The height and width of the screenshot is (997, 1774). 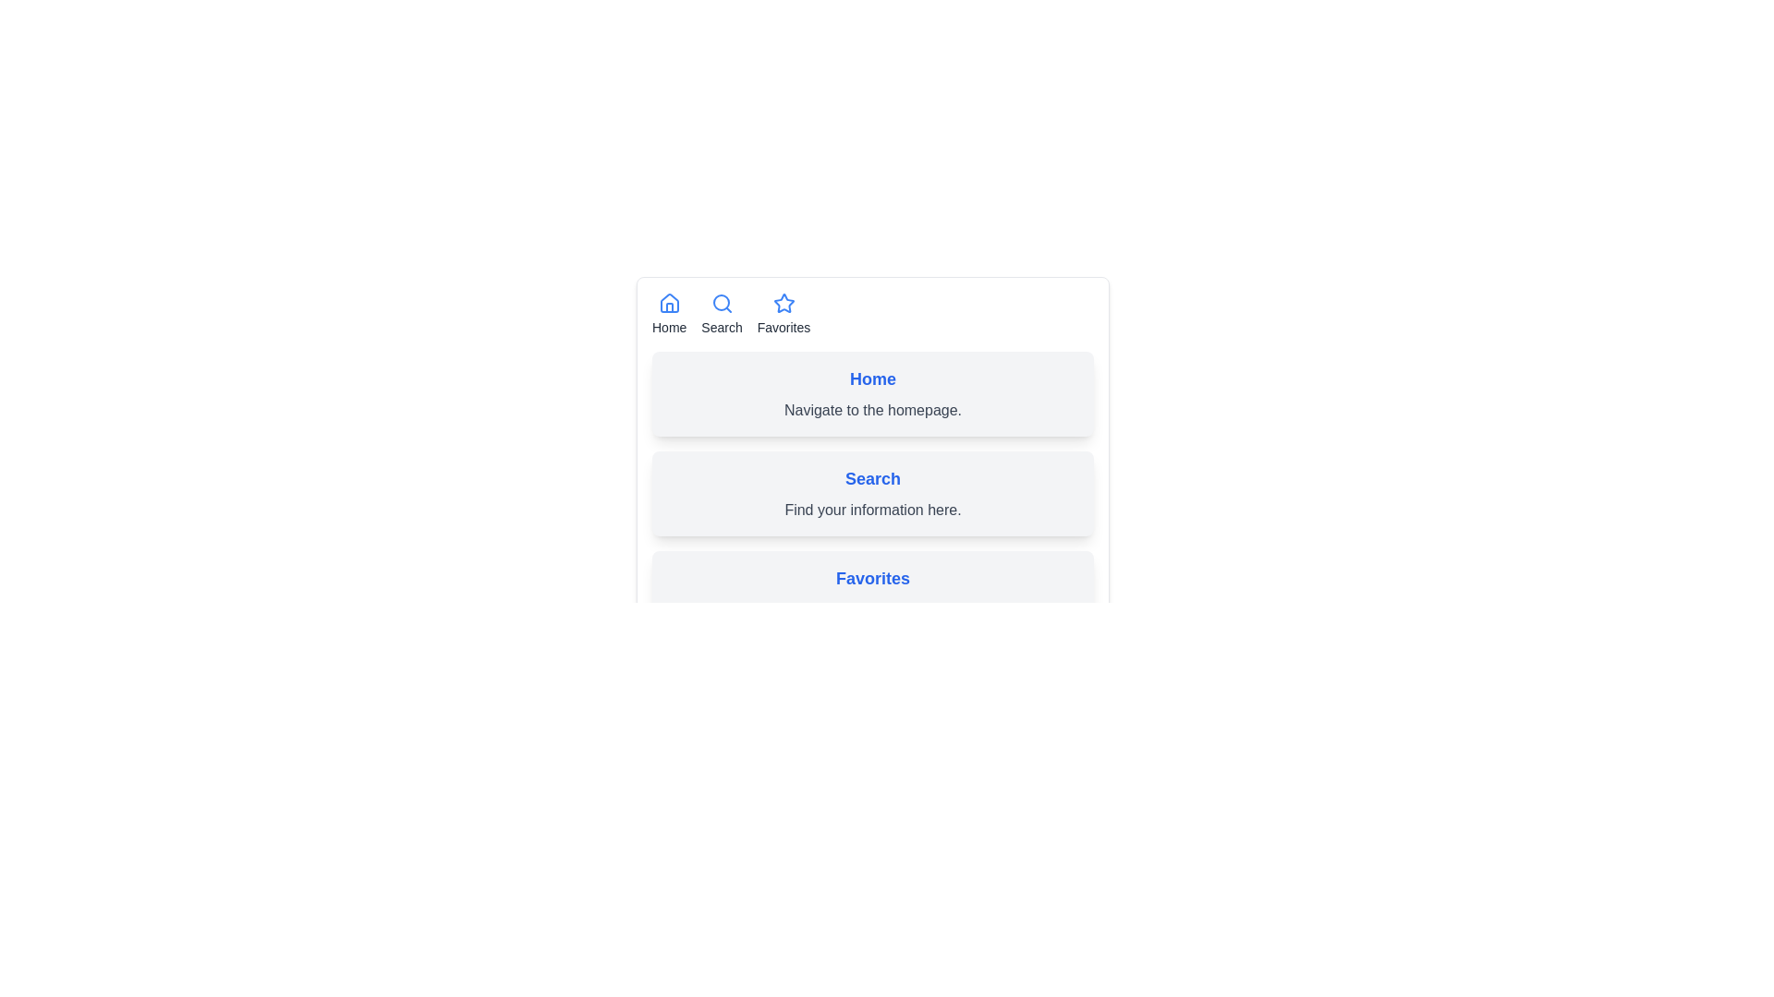 I want to click on the 'Home' text label, which is styled with a small gray font and located under the house icon in the top-left corner of the interface, so click(x=668, y=326).